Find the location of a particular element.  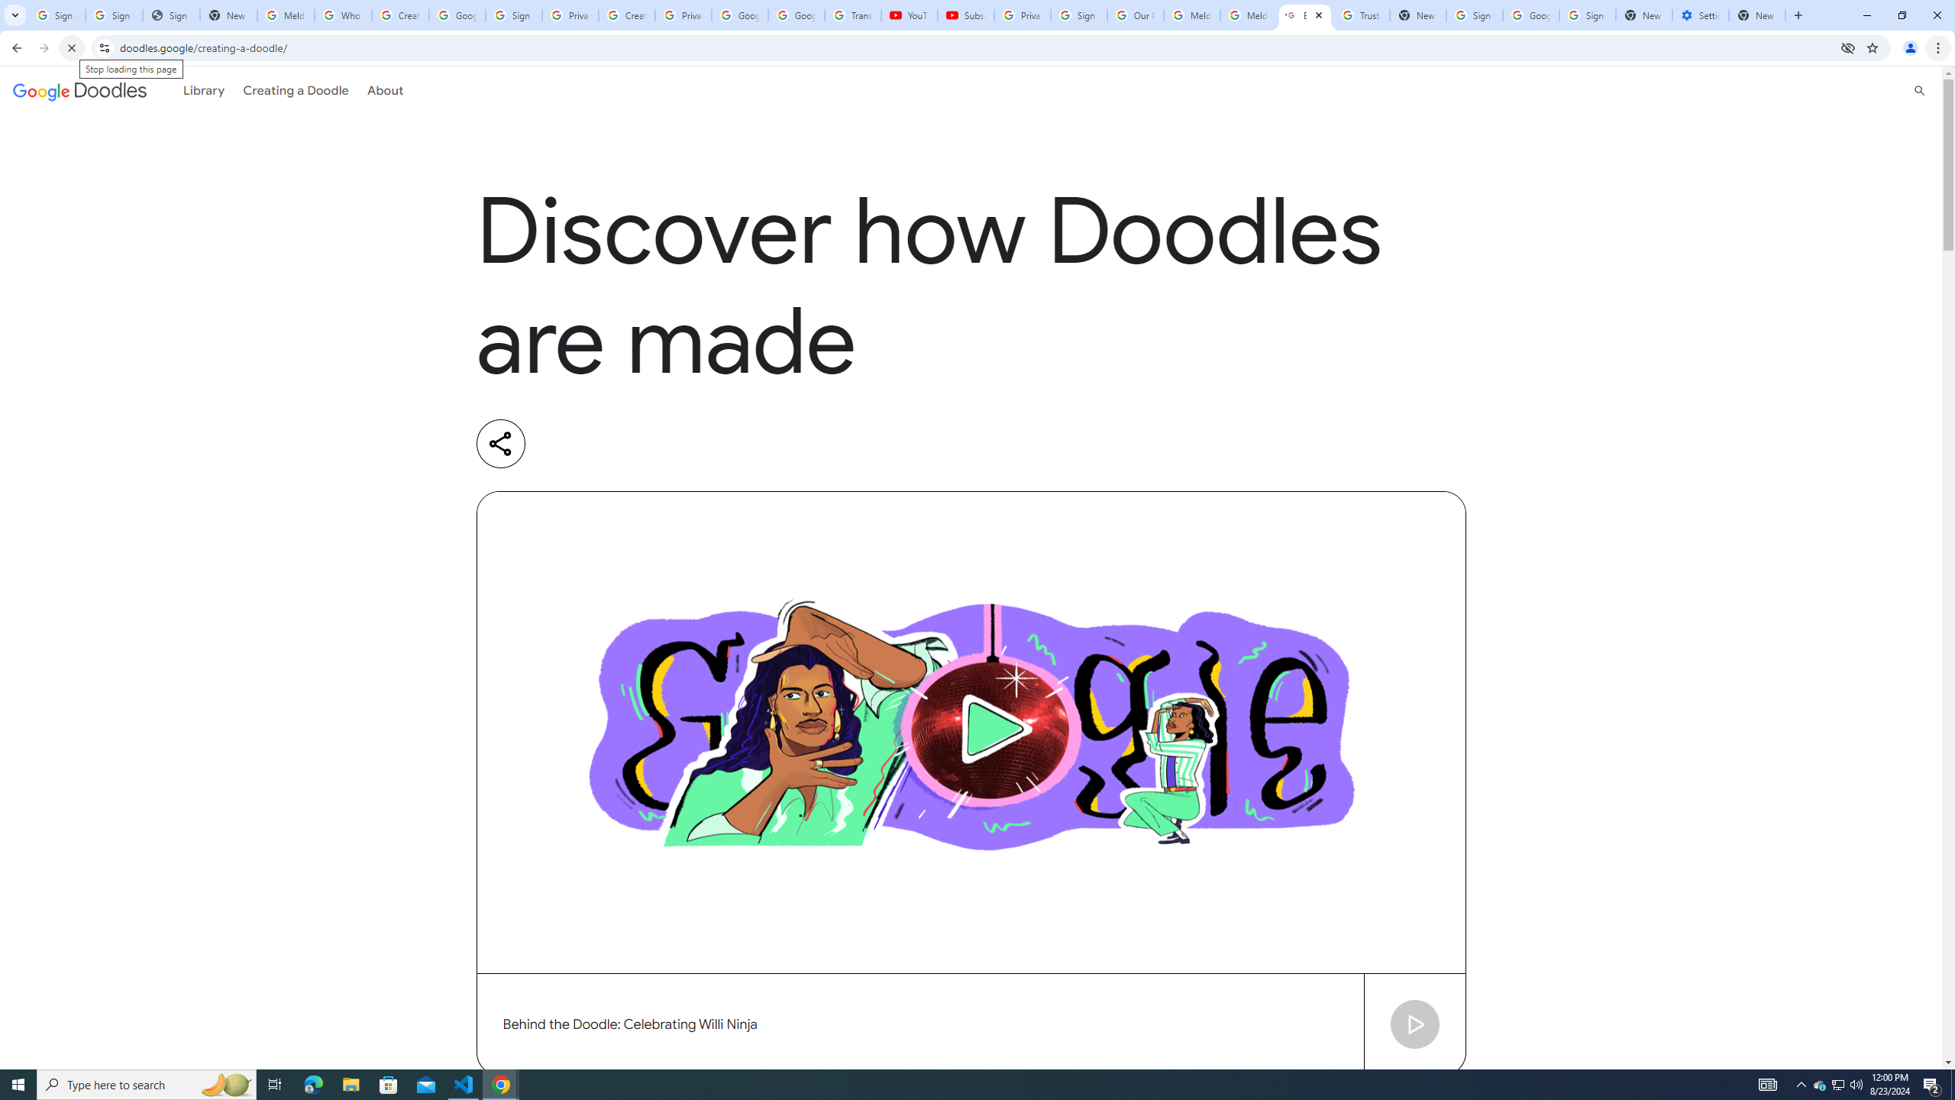

'Create your Google Account' is located at coordinates (626, 15).